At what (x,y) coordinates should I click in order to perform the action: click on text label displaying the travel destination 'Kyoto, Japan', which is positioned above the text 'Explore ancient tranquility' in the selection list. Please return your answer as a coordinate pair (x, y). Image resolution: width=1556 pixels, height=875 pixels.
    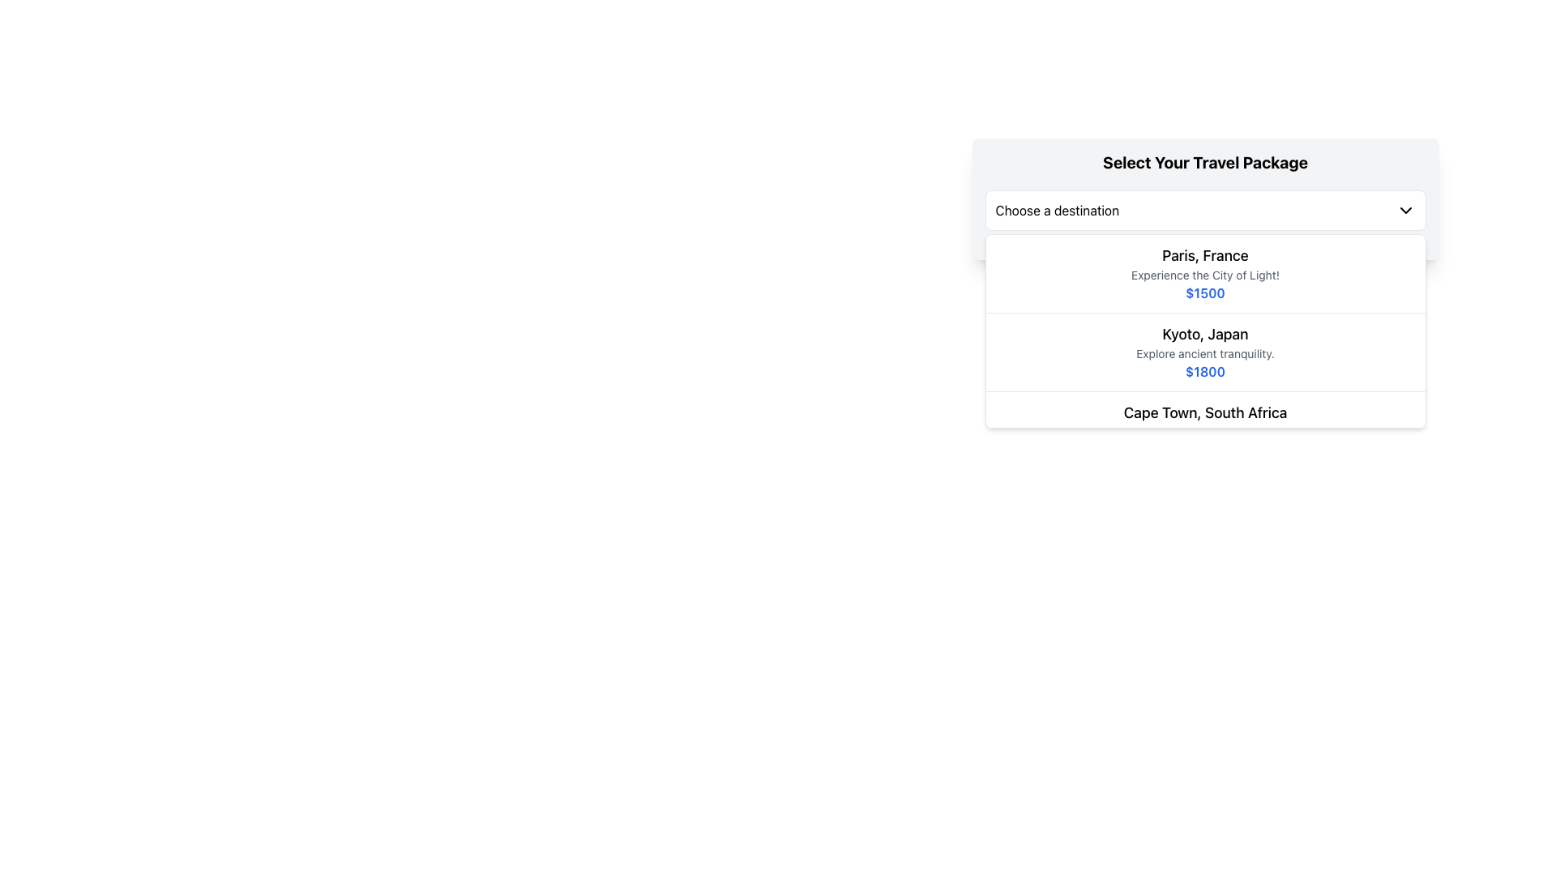
    Looking at the image, I should click on (1205, 333).